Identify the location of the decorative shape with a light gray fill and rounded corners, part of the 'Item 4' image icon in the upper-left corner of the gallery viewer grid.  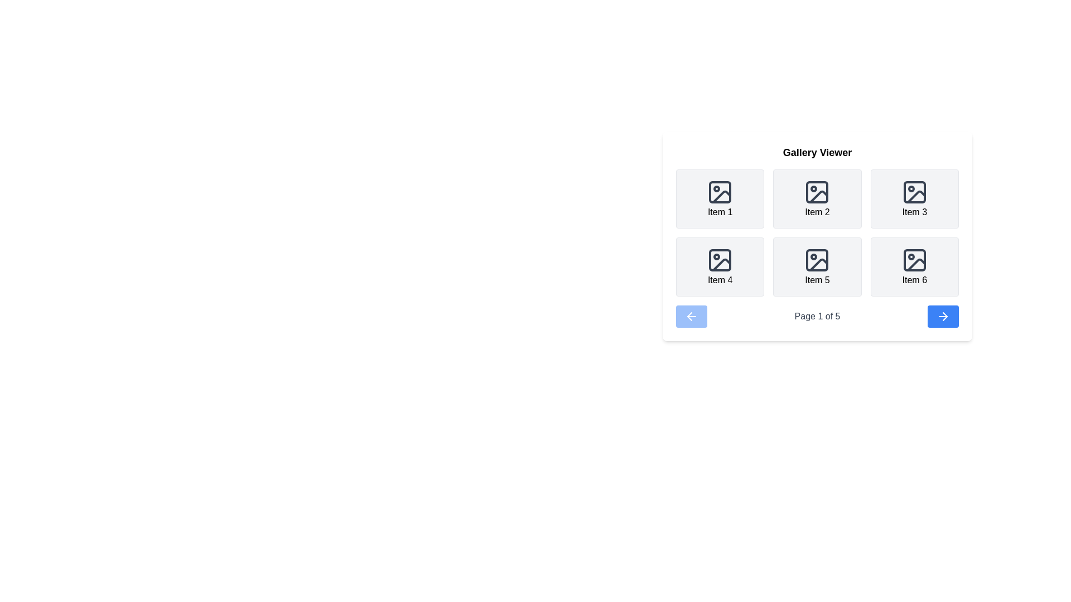
(720, 260).